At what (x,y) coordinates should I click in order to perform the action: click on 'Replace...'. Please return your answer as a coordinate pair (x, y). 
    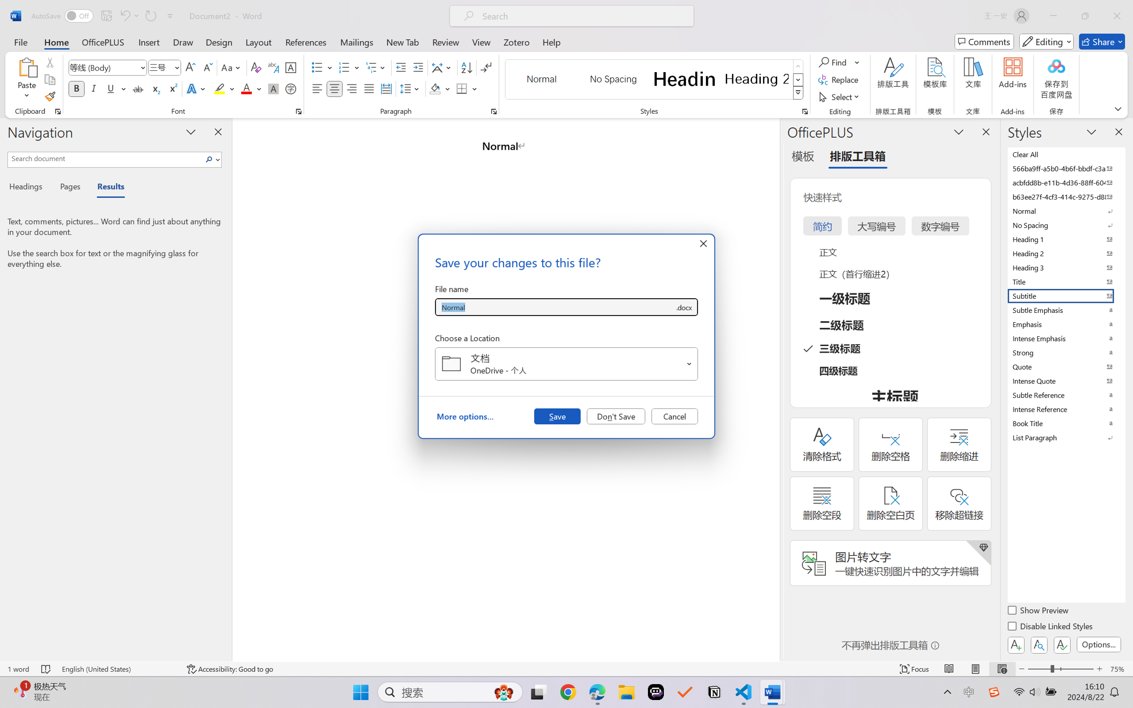
    Looking at the image, I should click on (839, 80).